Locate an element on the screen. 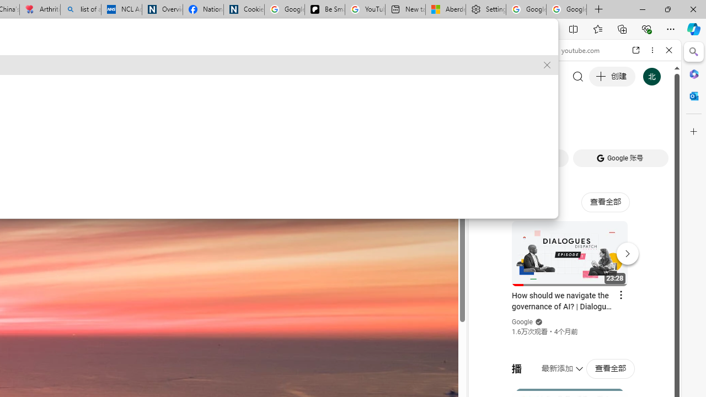 This screenshot has width=706, height=397. 'Music' is located at coordinates (574, 300).